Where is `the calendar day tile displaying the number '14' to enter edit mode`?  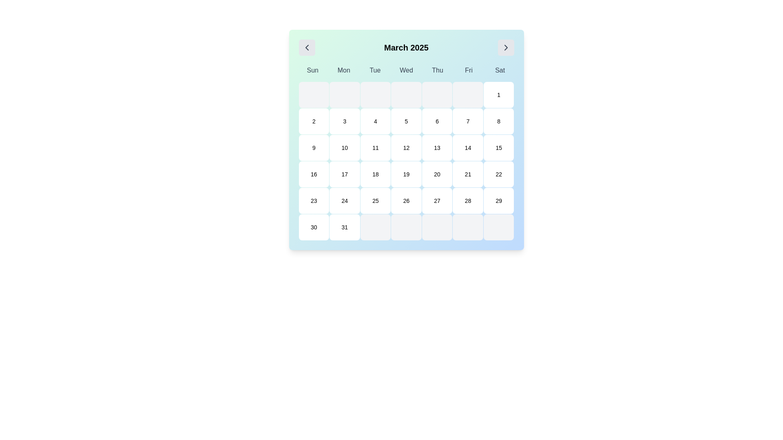 the calendar day tile displaying the number '14' to enter edit mode is located at coordinates (468, 147).